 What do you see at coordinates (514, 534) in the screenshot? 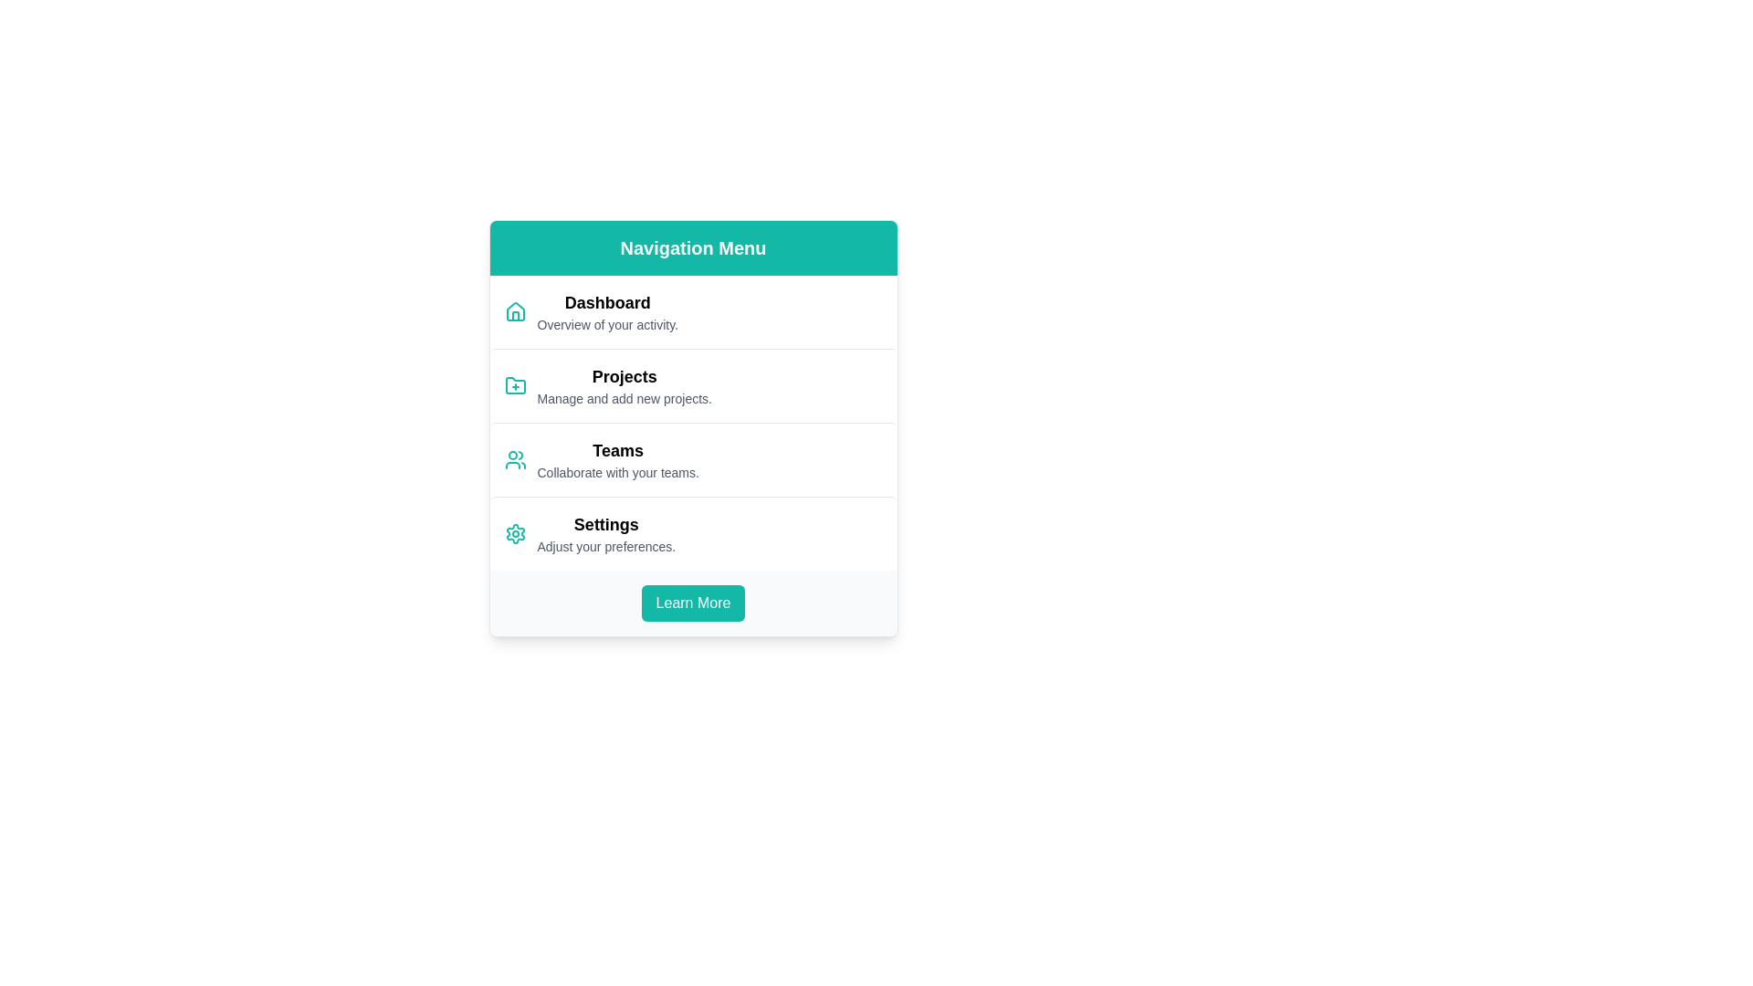
I see `the gear icon representing the settings in the bottom section of the 'Settings' menu` at bounding box center [514, 534].